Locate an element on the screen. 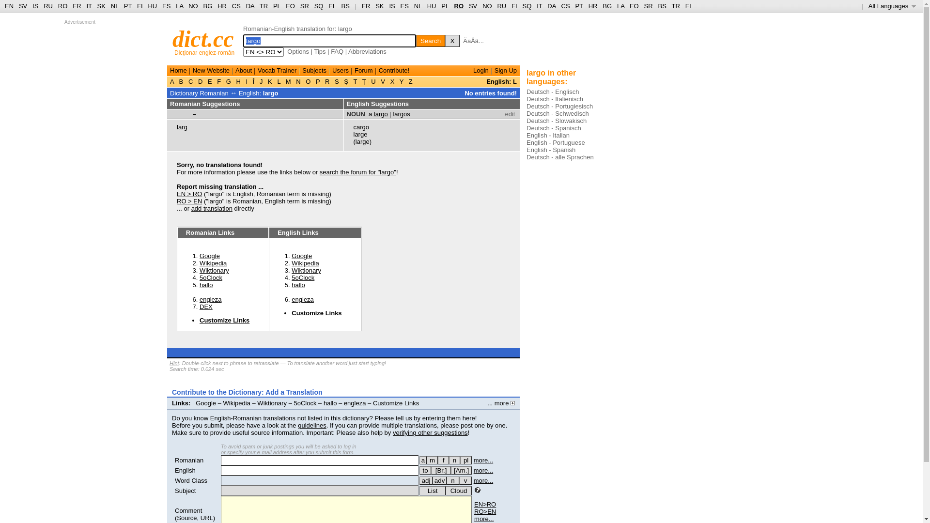  'a largo' is located at coordinates (368, 113).